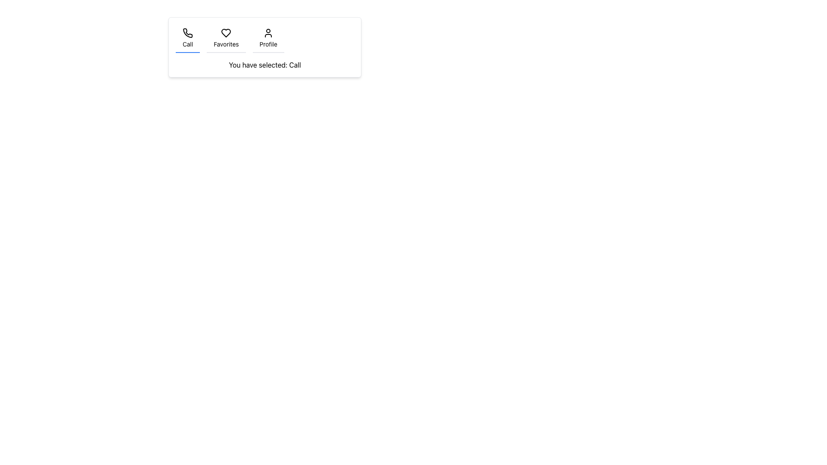  What do you see at coordinates (268, 33) in the screenshot?
I see `the 'Profile' icon located centrally above the 'Profile' text label in the third column of the navigation bar` at bounding box center [268, 33].